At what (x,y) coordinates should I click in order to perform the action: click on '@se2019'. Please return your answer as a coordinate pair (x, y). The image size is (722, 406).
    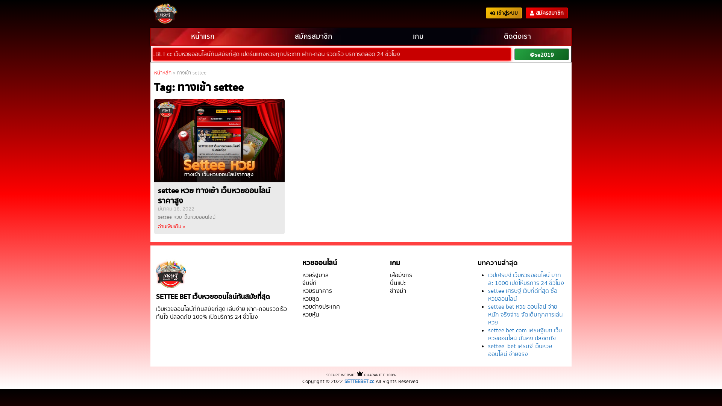
    Looking at the image, I should click on (541, 54).